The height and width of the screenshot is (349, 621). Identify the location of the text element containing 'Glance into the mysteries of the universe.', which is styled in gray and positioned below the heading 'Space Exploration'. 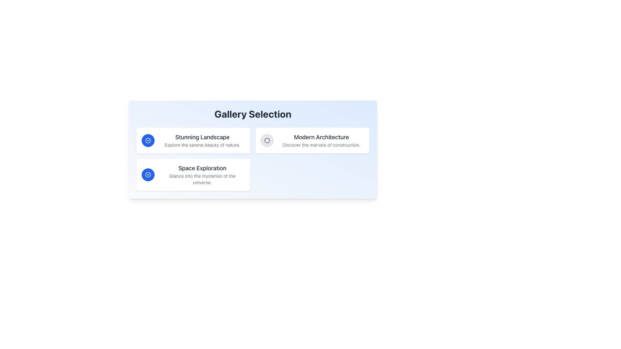
(202, 179).